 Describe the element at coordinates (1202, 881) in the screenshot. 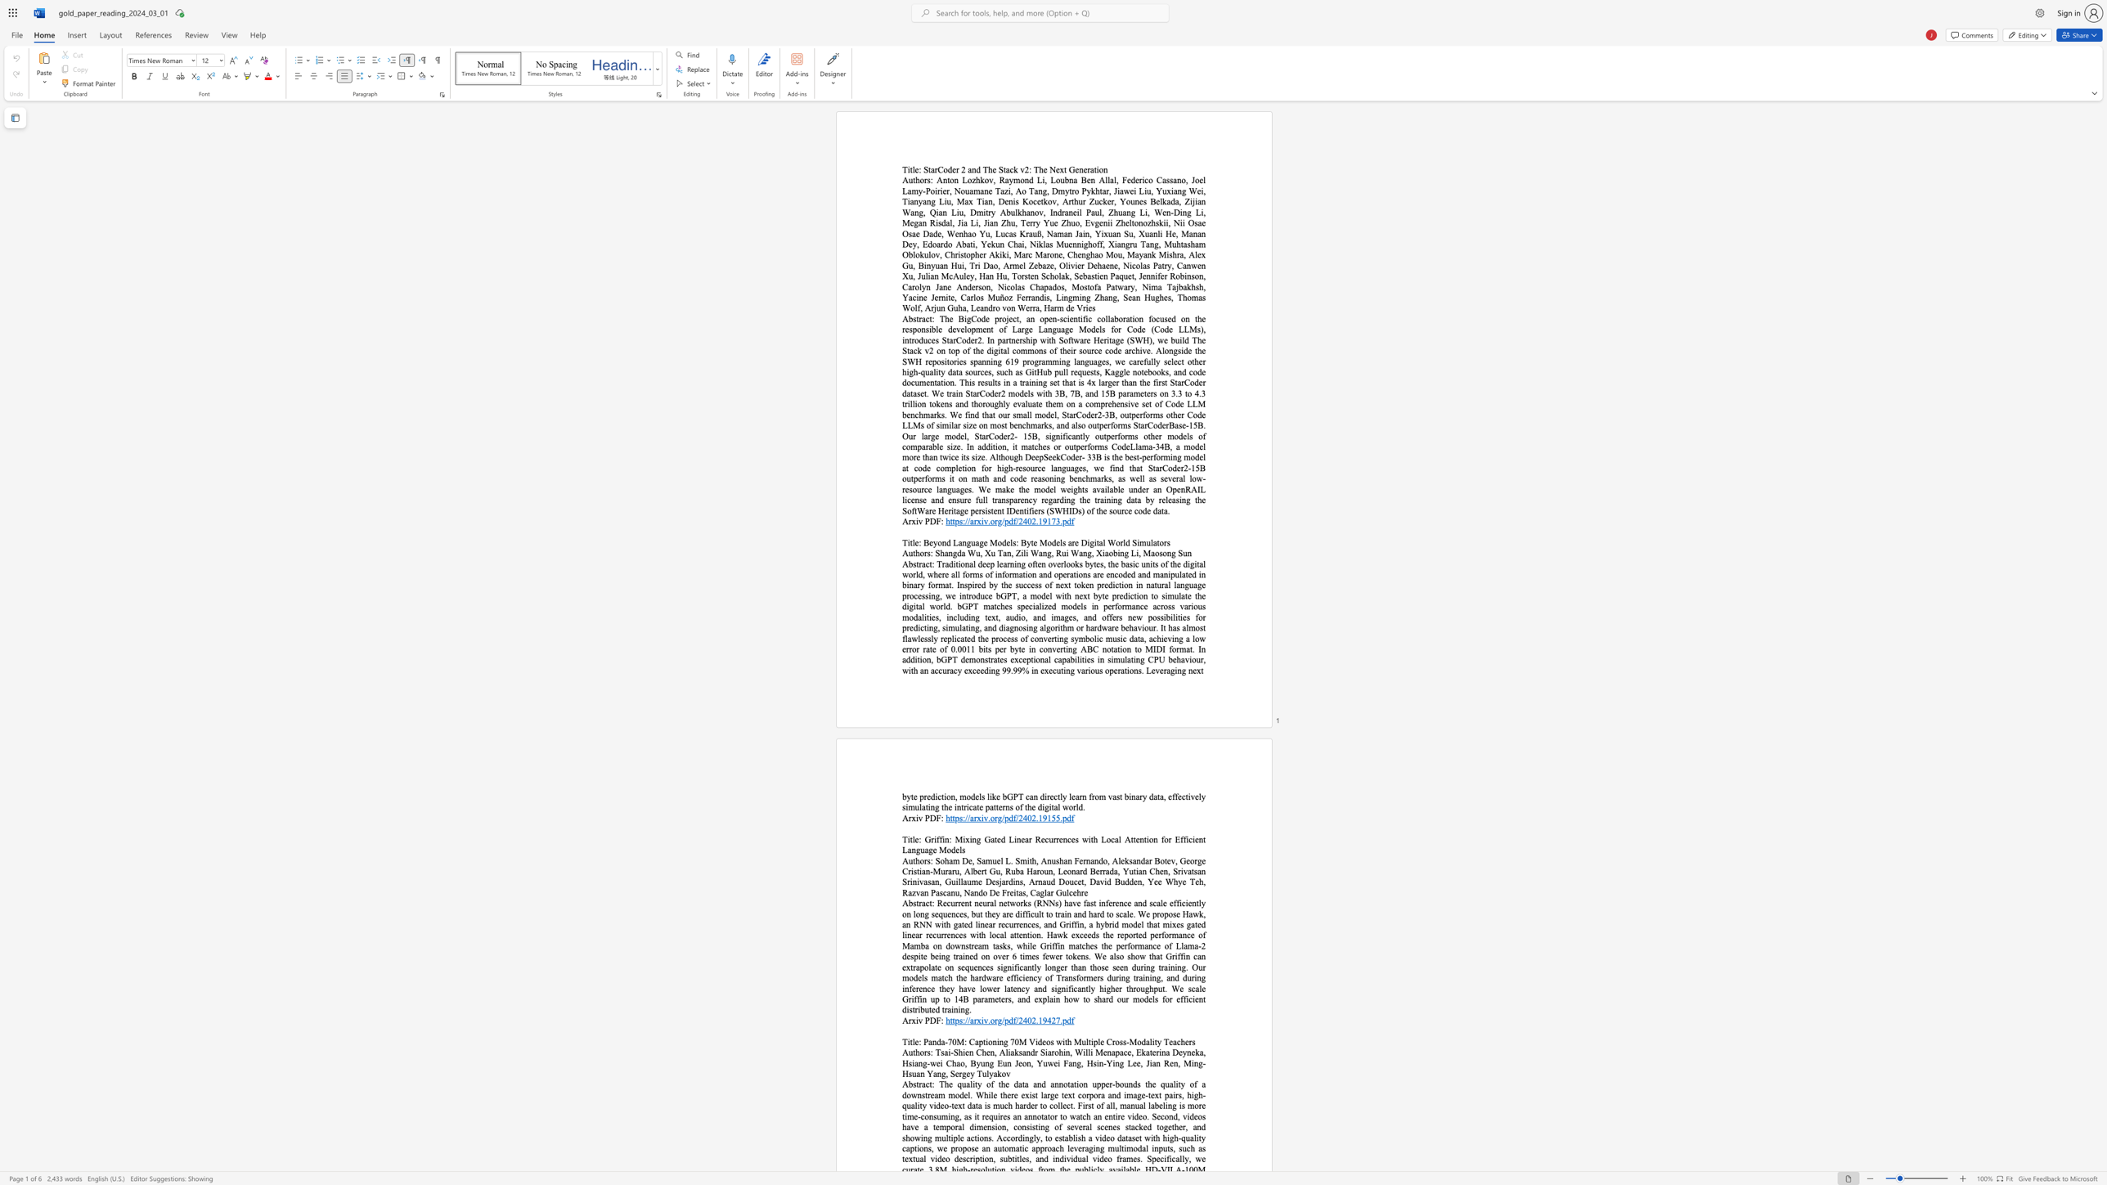

I see `the subset text ", Razvan Pascanu, Nando" within the text "Soham De, Samuel L. Smith, Anushan Fernando, Aleksandar Botev, George Cristian-Muraru, Albert Gu, Ruba Haroun, Leonard Berrada, Yutian Chen, Srivatsan Srinivasan, Guillaume Desjardins, Arnaud Doucet, David Budden, Yee Whye Teh, Razvan Pascanu, Nando De Freitas, Caglar Gulcehre"` at that location.